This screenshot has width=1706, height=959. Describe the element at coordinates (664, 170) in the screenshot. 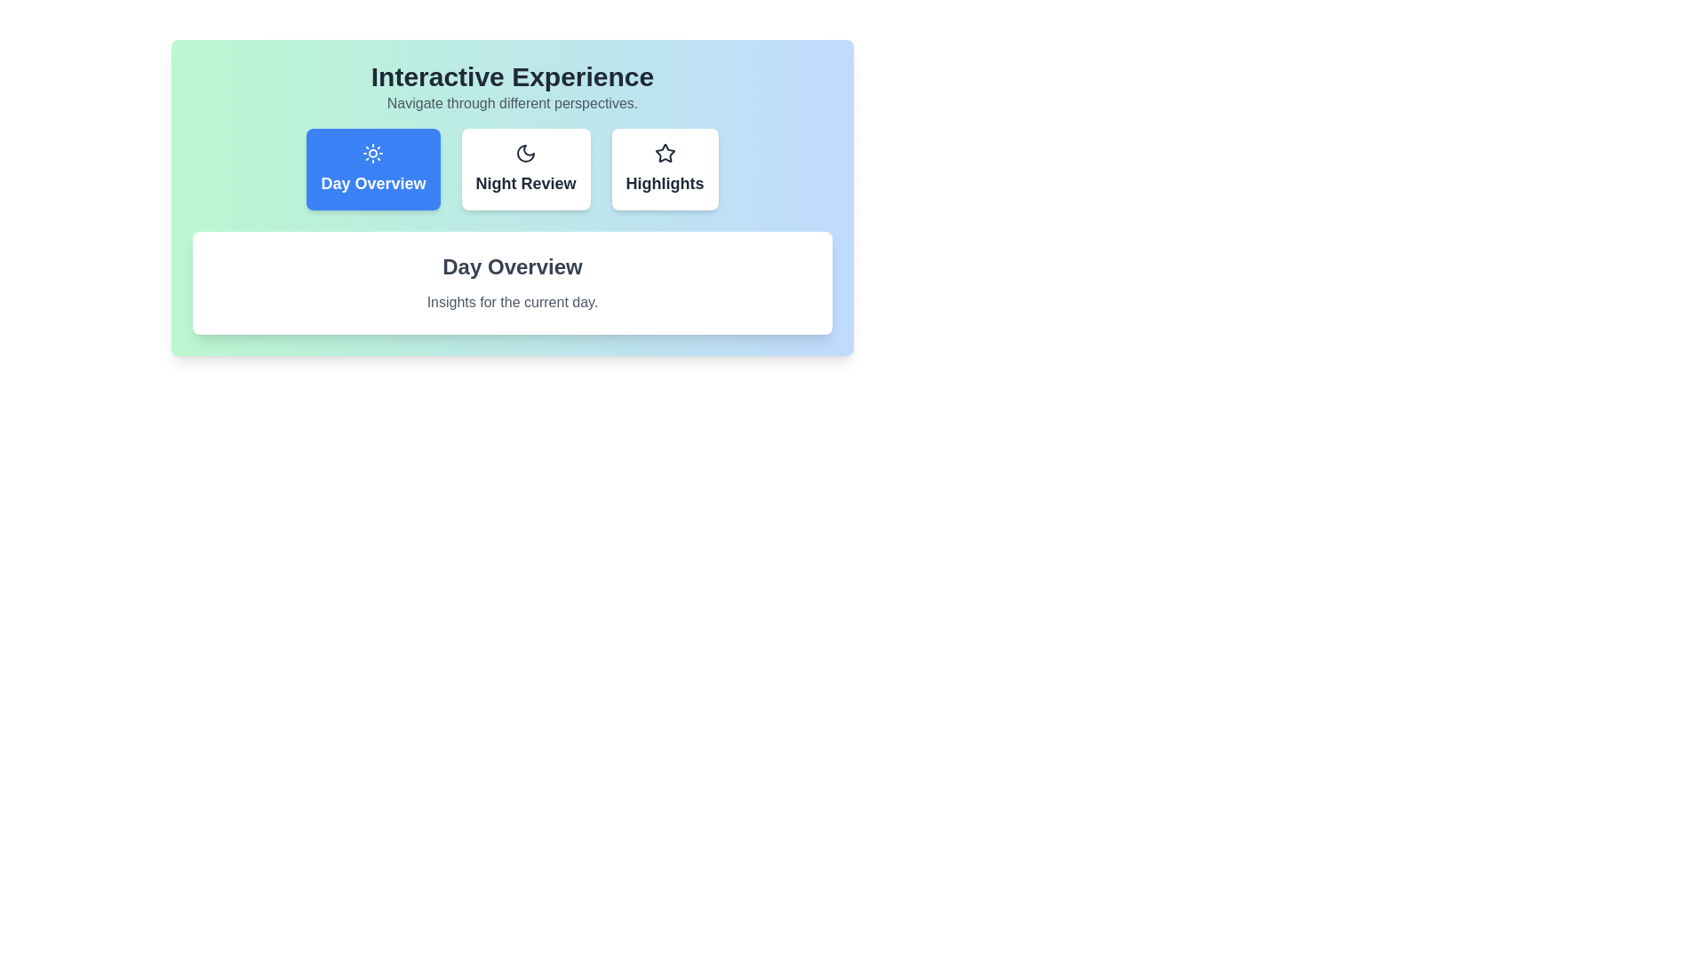

I see `the Highlights tab to switch to its content` at that location.